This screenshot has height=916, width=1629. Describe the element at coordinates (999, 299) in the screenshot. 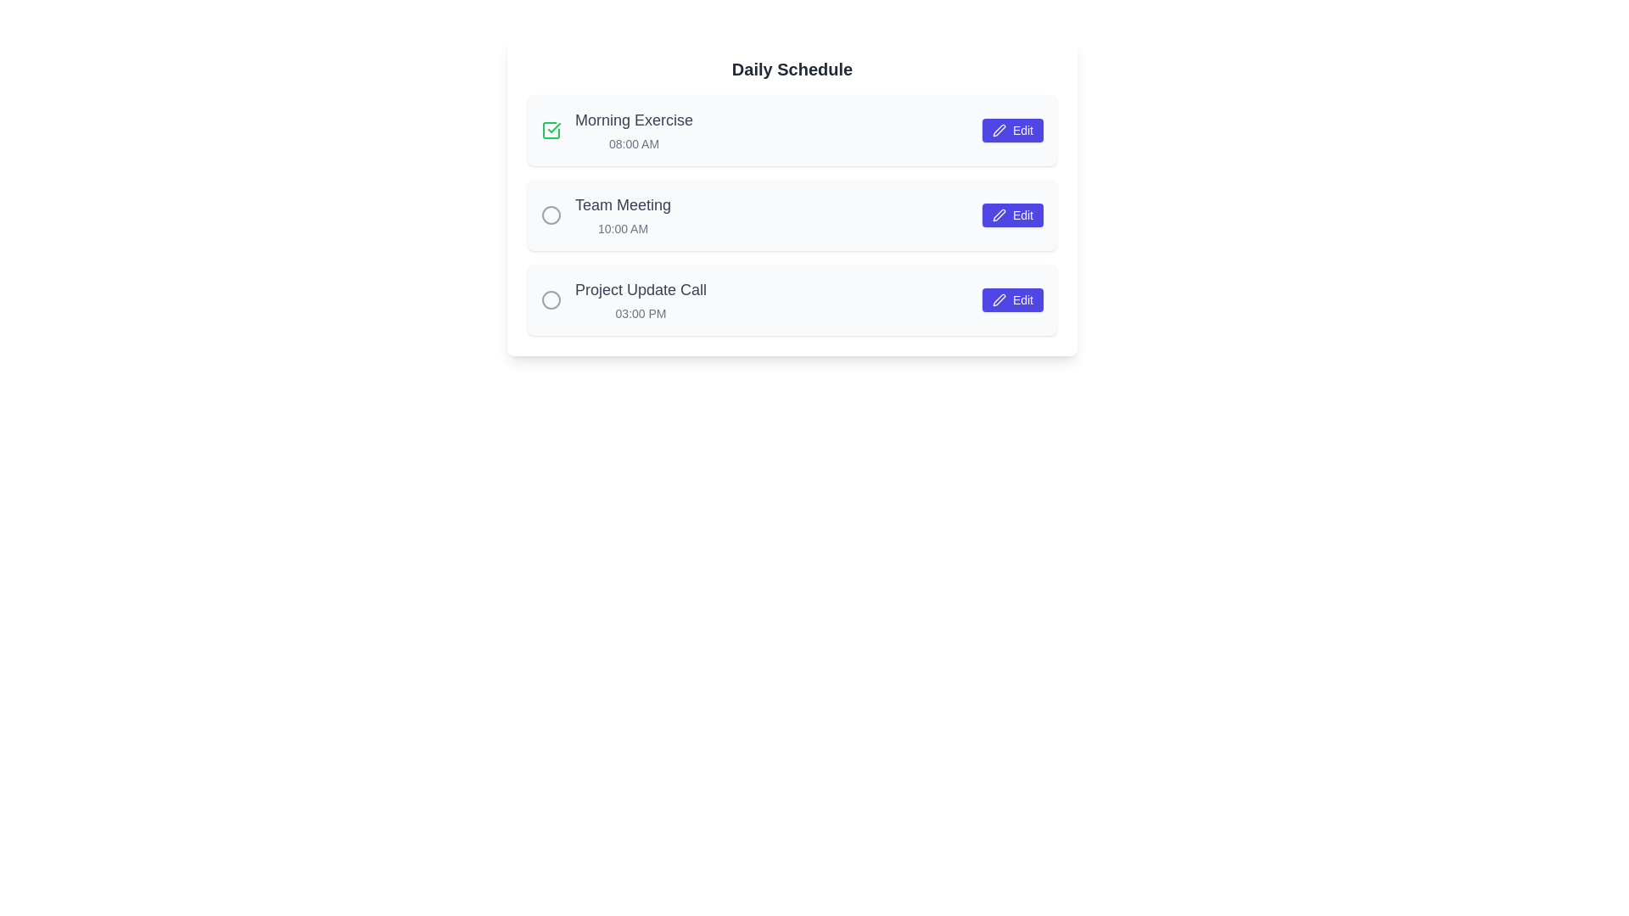

I see `the edit icon located on the 'Edit' button for the 'Project Update Call' schedule entry, indicating its functionality for editing` at that location.